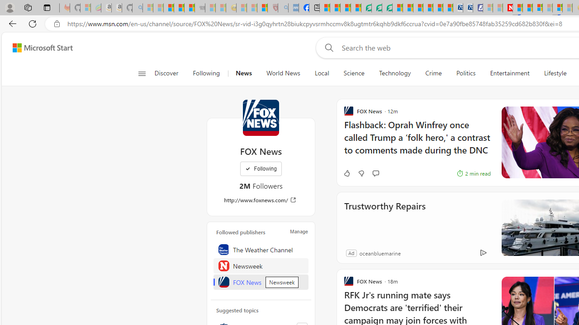 The image size is (579, 325). I want to click on 'New Report Confirms 2023 Was Record Hot | Watch', so click(189, 8).